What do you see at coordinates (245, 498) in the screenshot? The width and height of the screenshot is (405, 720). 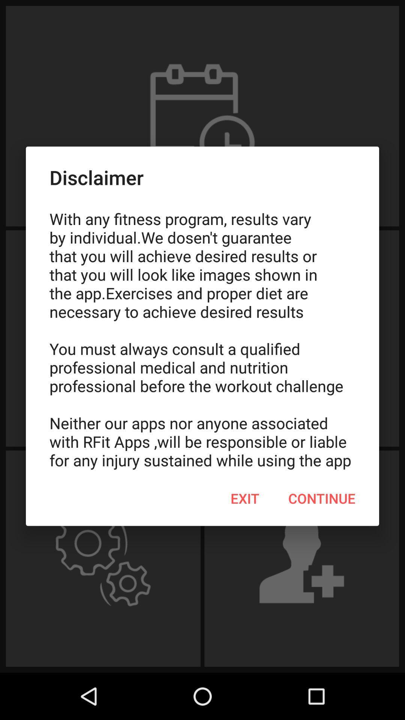 I see `item next to continue icon` at bounding box center [245, 498].